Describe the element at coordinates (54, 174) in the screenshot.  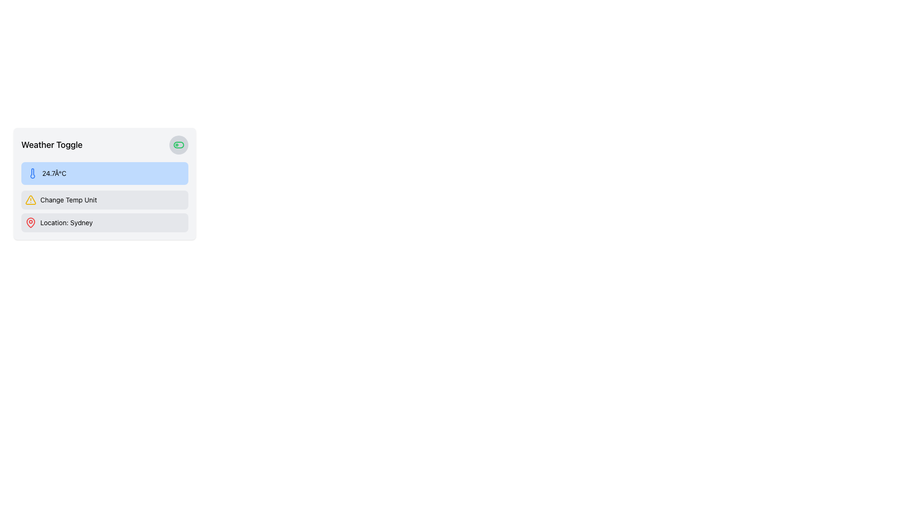
I see `the text label displaying '24.7°C', which is centered within a blue-highlighted background area and aligned with a thermometer icon in a vertically-stacked list` at that location.